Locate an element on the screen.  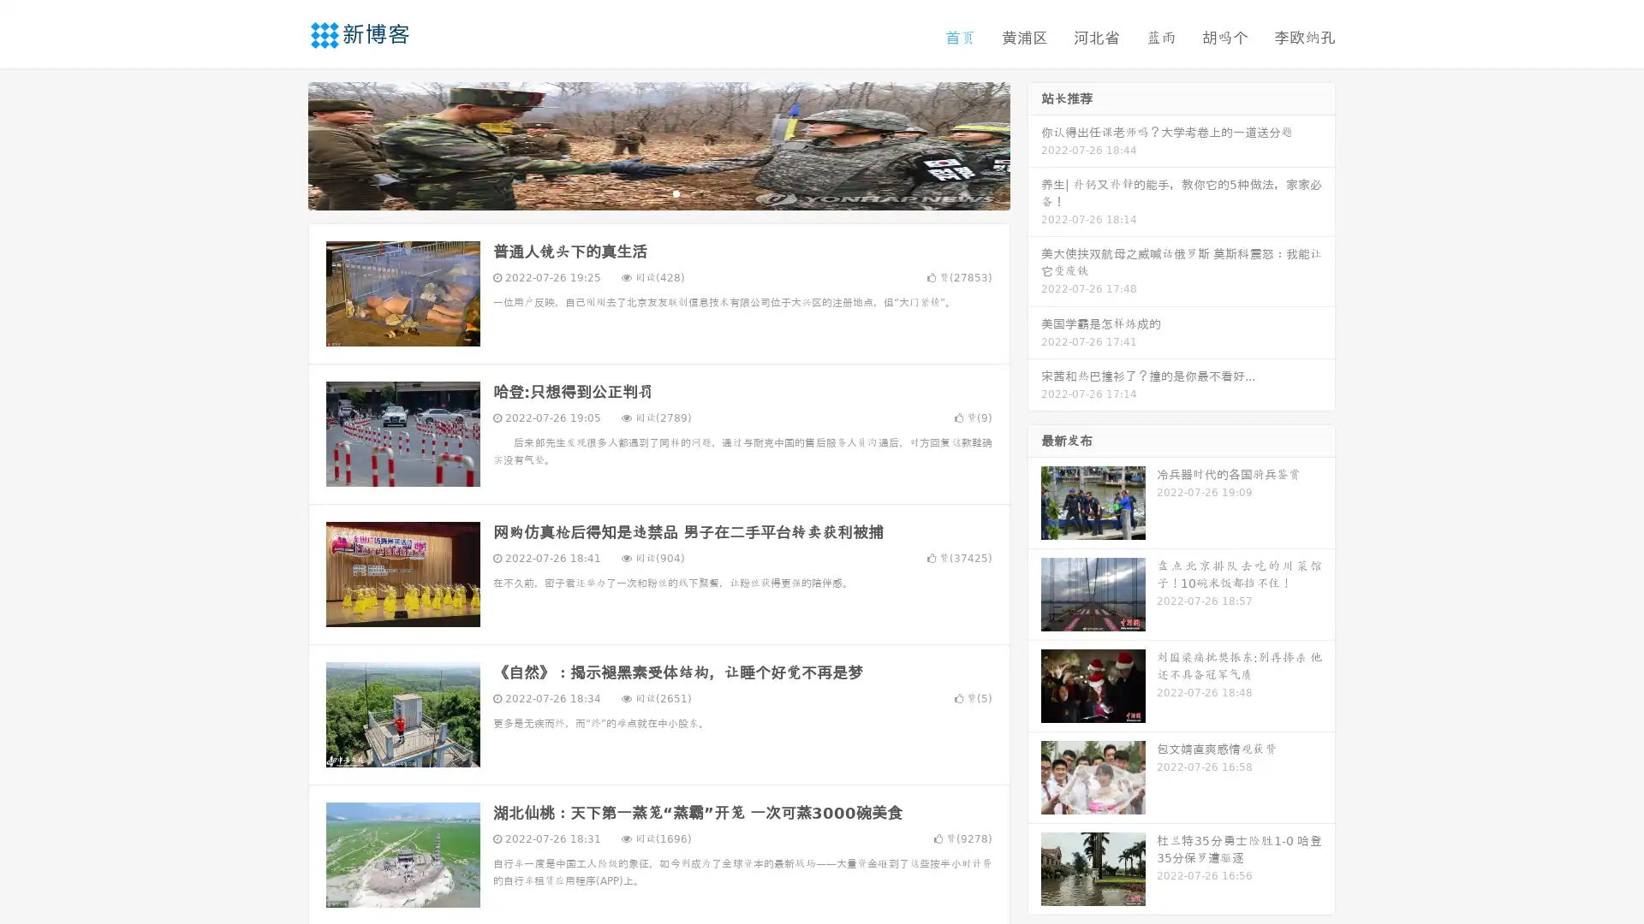
Go to slide 3 is located at coordinates (676, 192).